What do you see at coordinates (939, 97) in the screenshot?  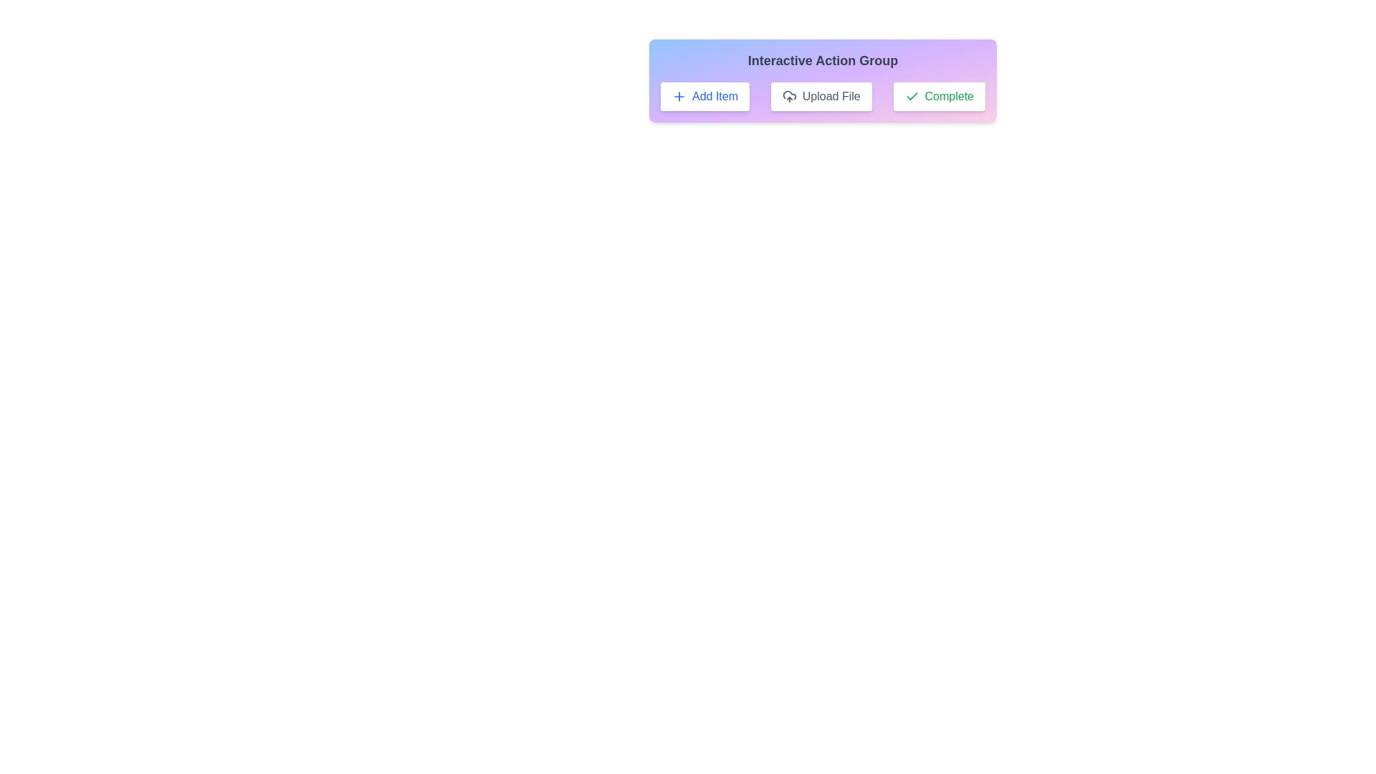 I see `the 'Complete' button with a white background and green text, located to the right of the 'Upload File' button in the 'Interactive Action Group' section` at bounding box center [939, 97].